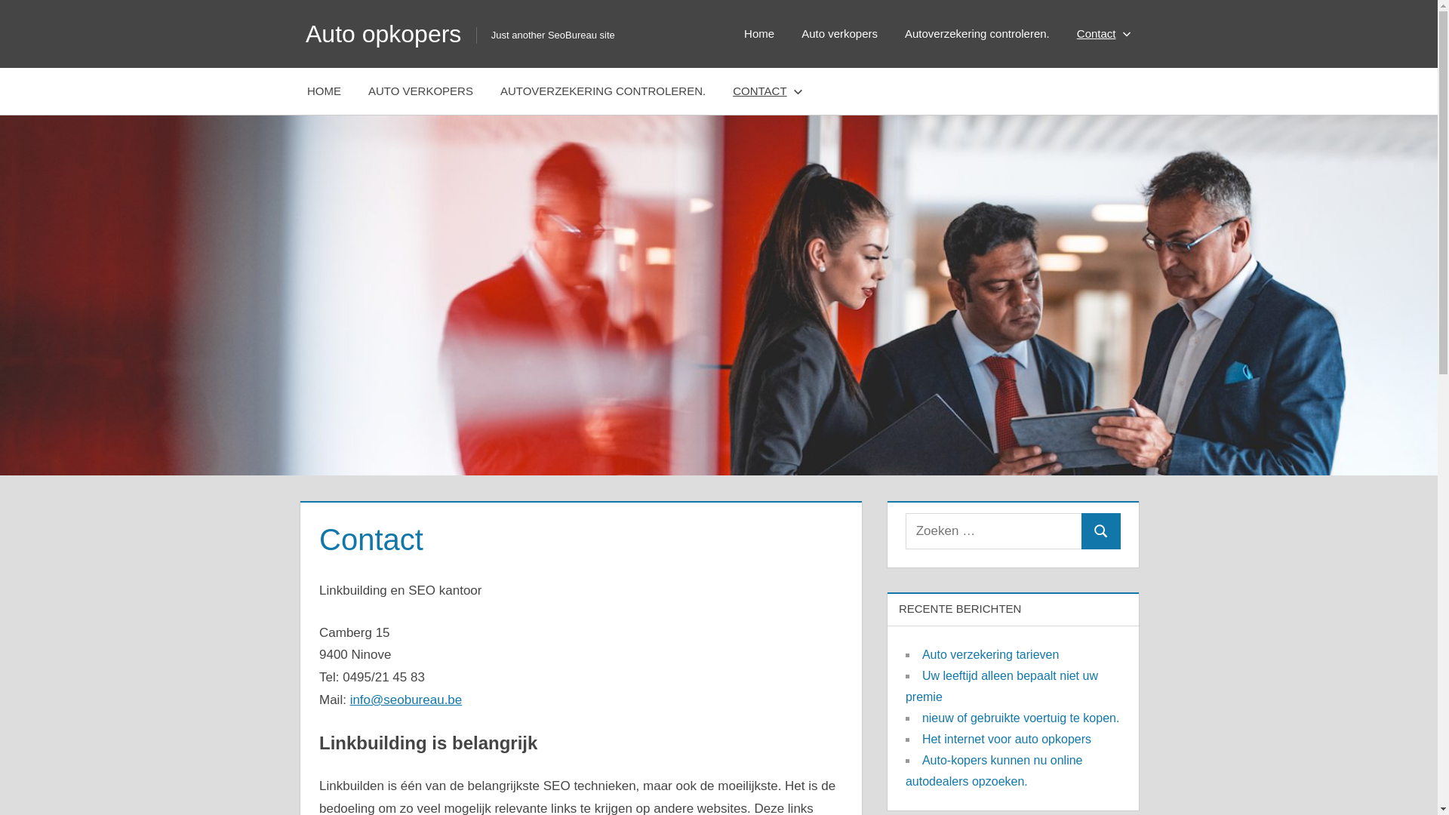 This screenshot has width=1449, height=815. I want to click on 'Auto verzekering tarieven', so click(990, 654).